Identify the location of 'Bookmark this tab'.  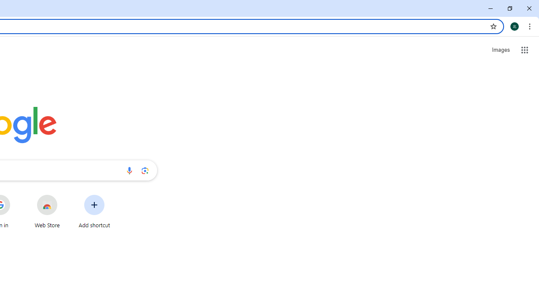
(493, 26).